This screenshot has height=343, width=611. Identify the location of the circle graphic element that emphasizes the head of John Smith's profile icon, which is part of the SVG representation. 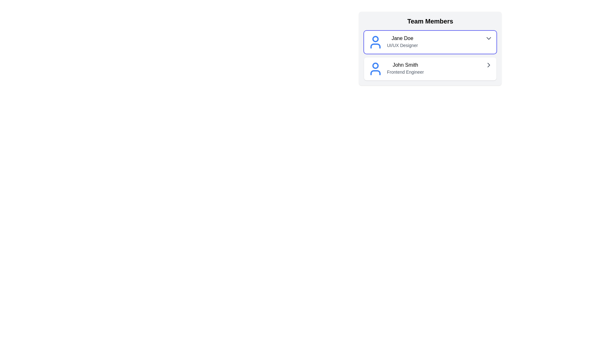
(376, 66).